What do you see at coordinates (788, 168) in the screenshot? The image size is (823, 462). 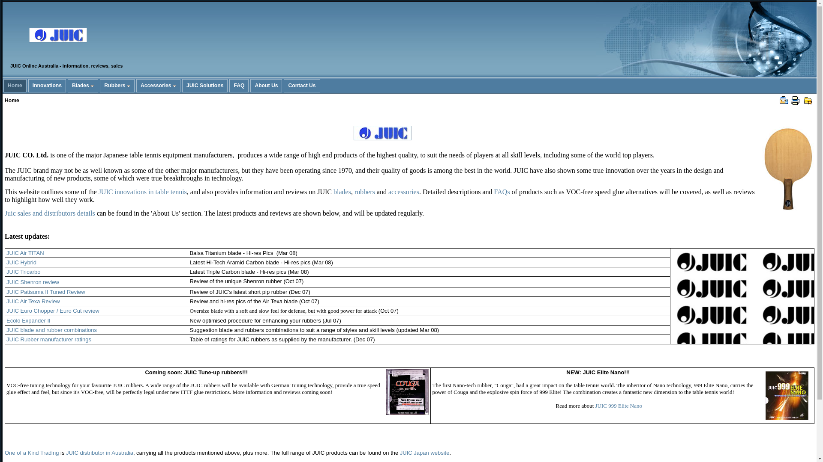 I see `'JUIC Kiso Hinoki'` at bounding box center [788, 168].